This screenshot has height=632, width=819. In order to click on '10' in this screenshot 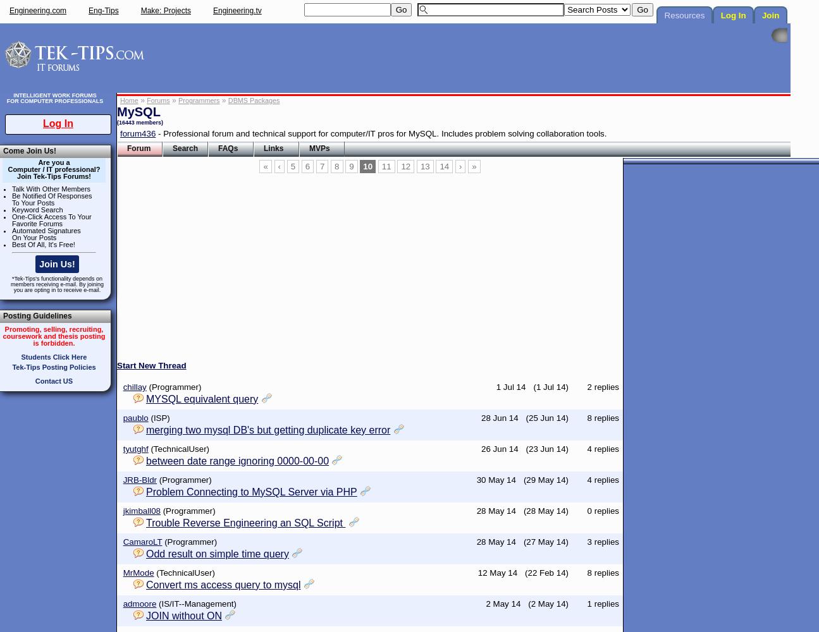, I will do `click(367, 166)`.